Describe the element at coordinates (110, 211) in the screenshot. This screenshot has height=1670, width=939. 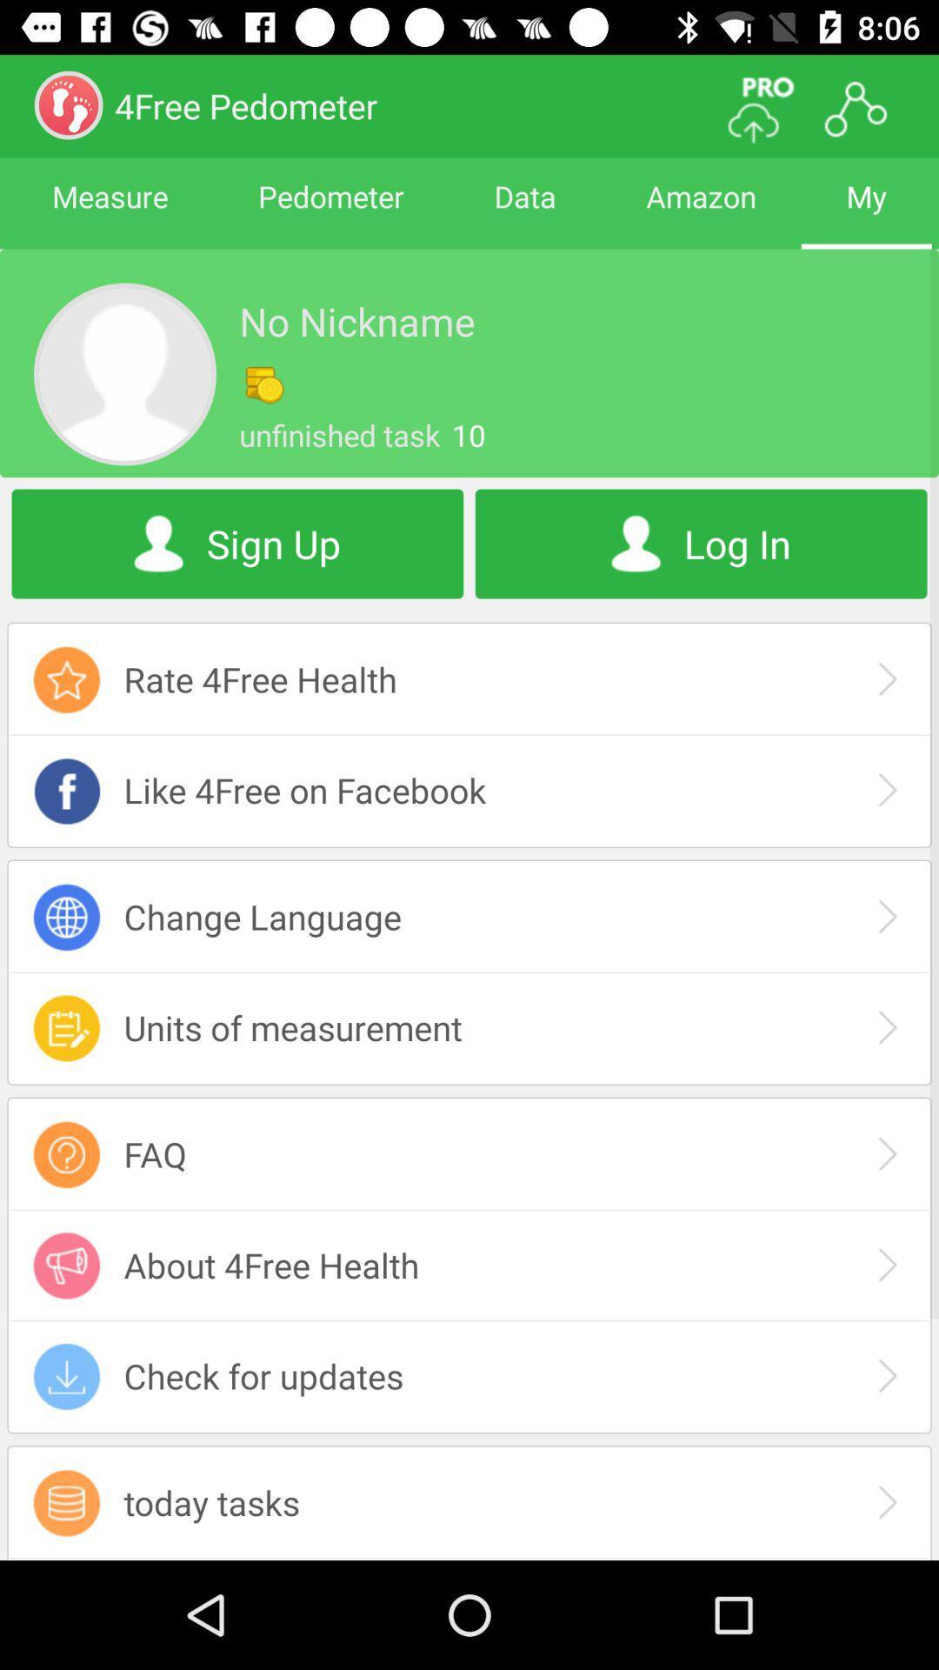
I see `the app next to pedometer item` at that location.